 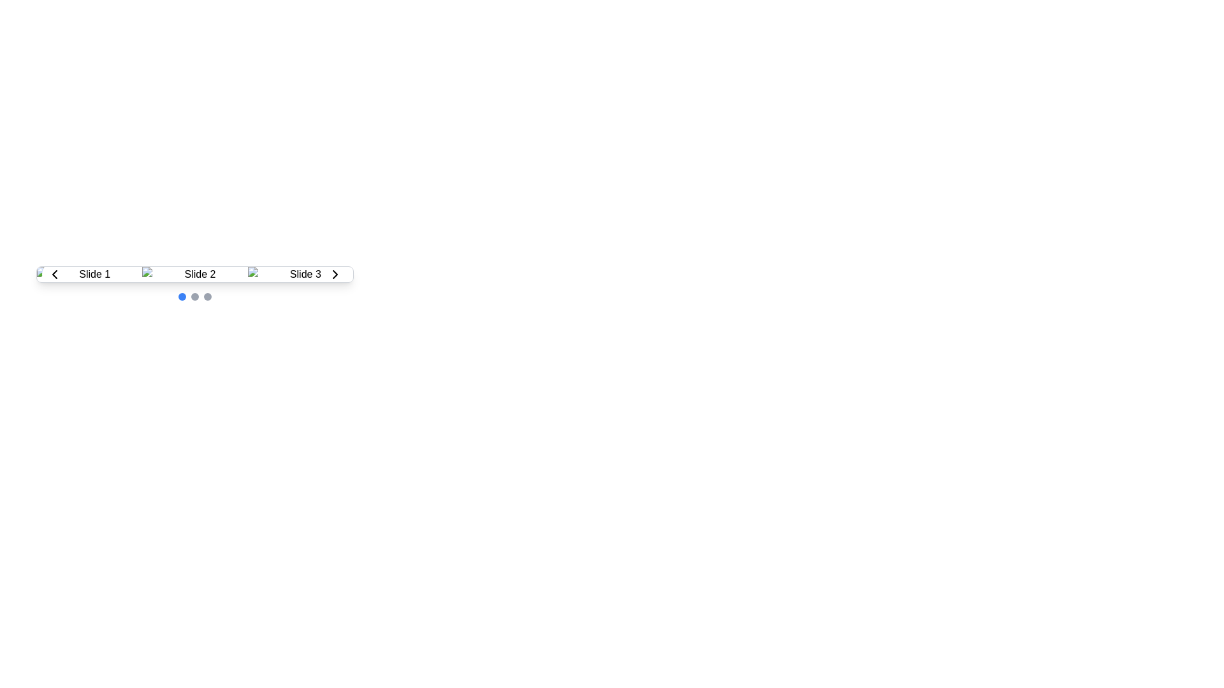 I want to click on the carousel indicator located at the bottom center of the carousel component, so click(x=194, y=297).